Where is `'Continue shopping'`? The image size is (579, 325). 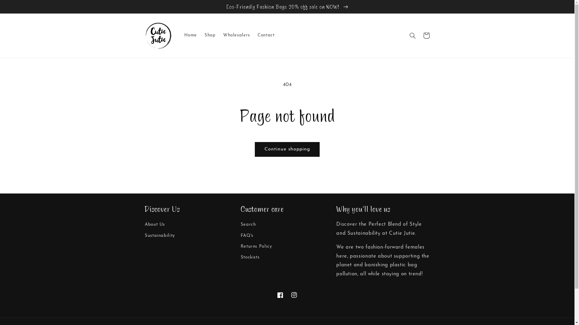
'Continue shopping' is located at coordinates (287, 149).